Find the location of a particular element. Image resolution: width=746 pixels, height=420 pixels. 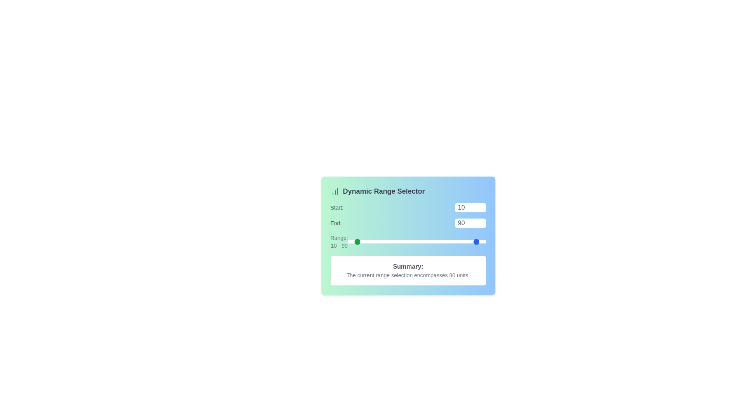

the 'Start' range slider to 31 is located at coordinates (369, 241).